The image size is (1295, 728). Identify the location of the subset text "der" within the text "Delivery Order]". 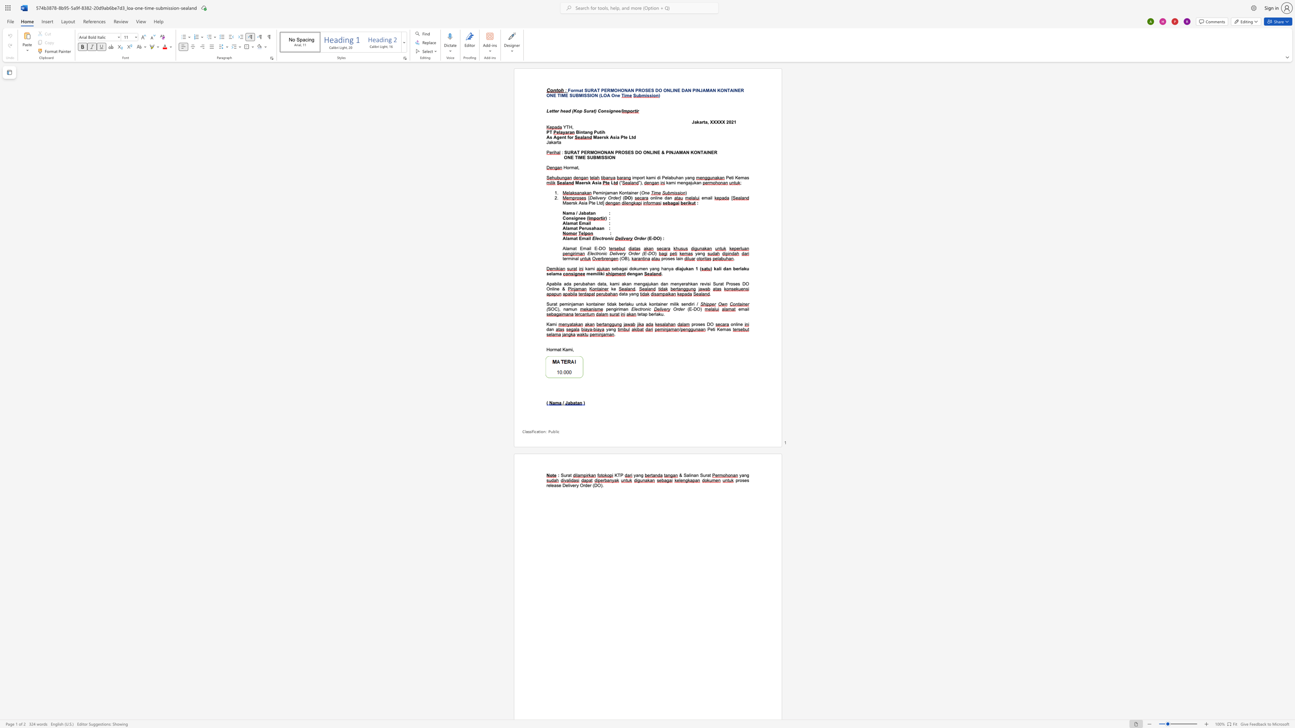
(613, 198).